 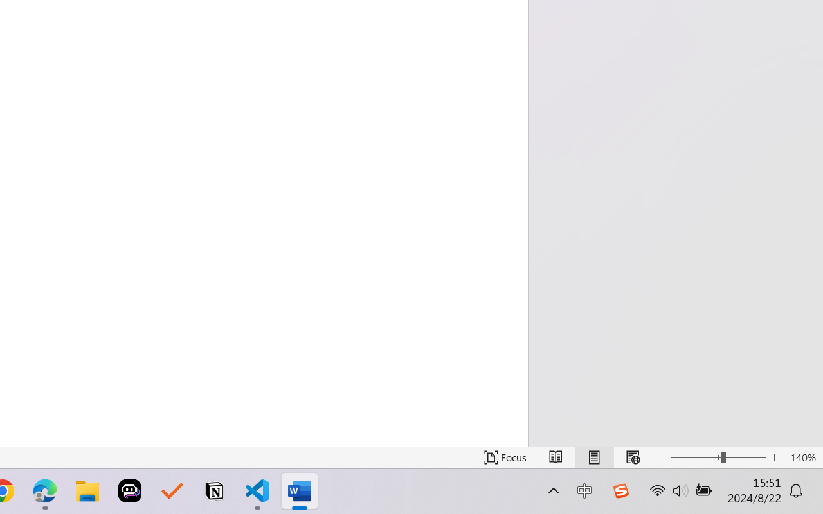 I want to click on 'Zoom 140%', so click(x=802, y=457).